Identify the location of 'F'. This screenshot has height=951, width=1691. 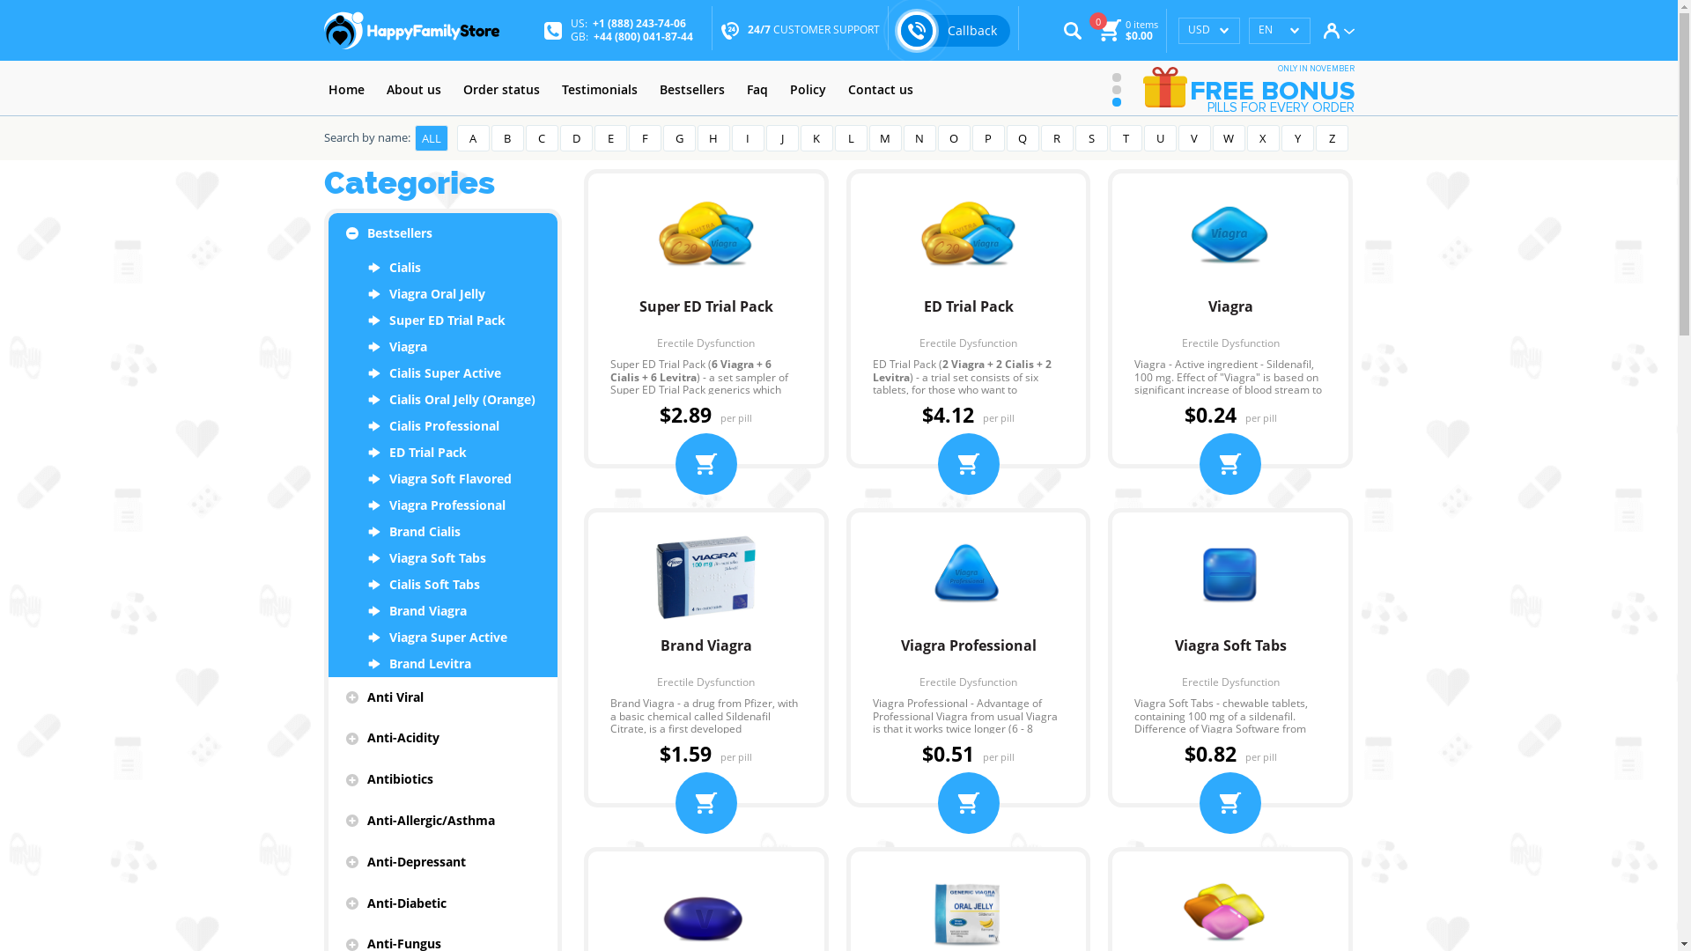
(644, 137).